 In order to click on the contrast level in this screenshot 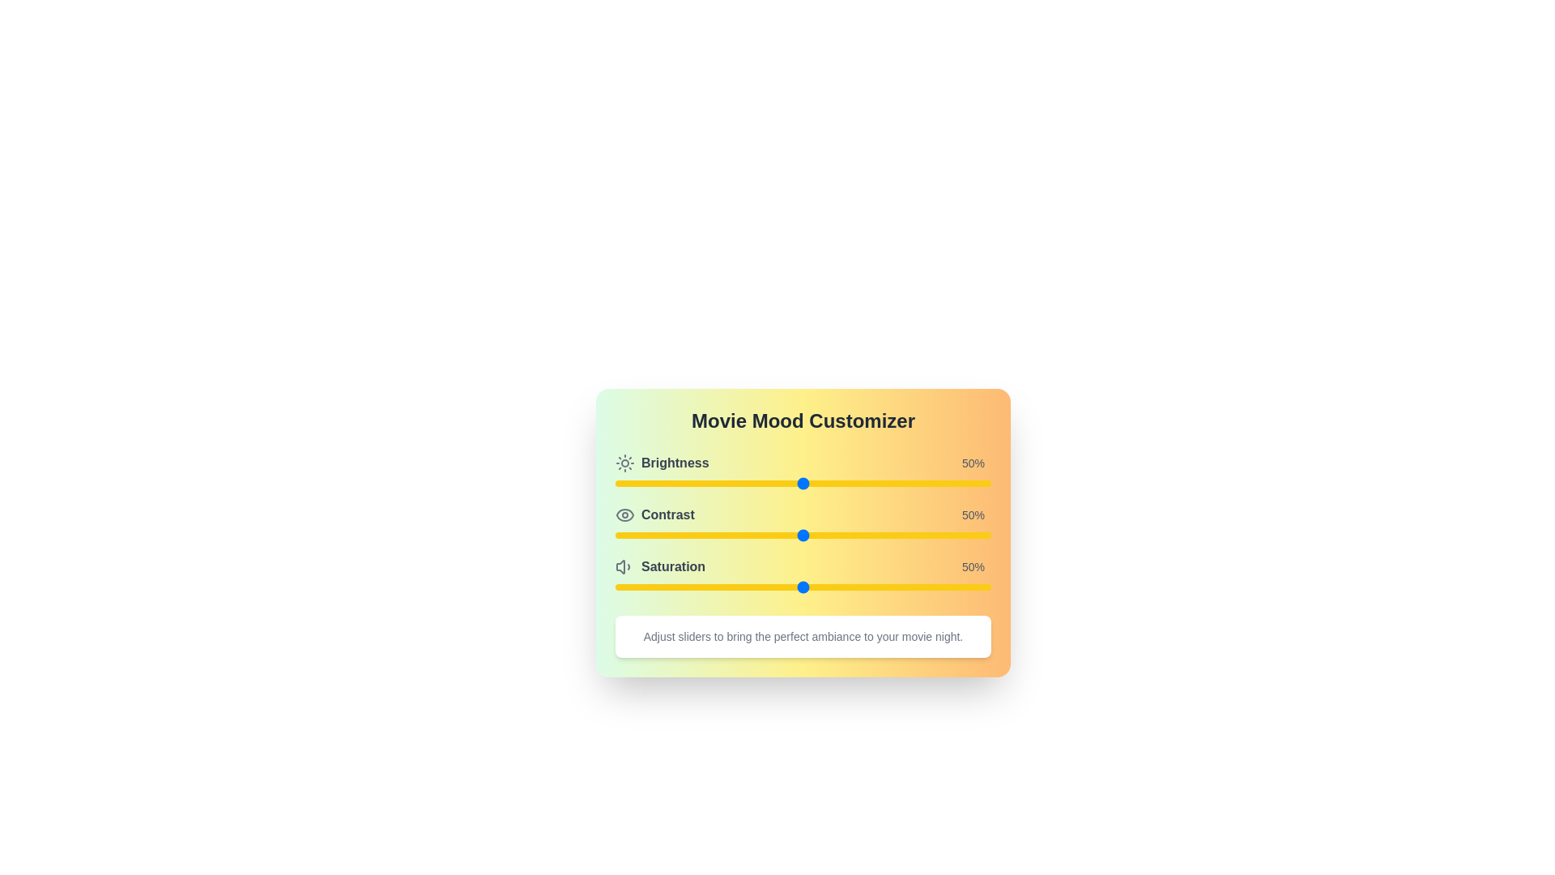, I will do `click(969, 535)`.